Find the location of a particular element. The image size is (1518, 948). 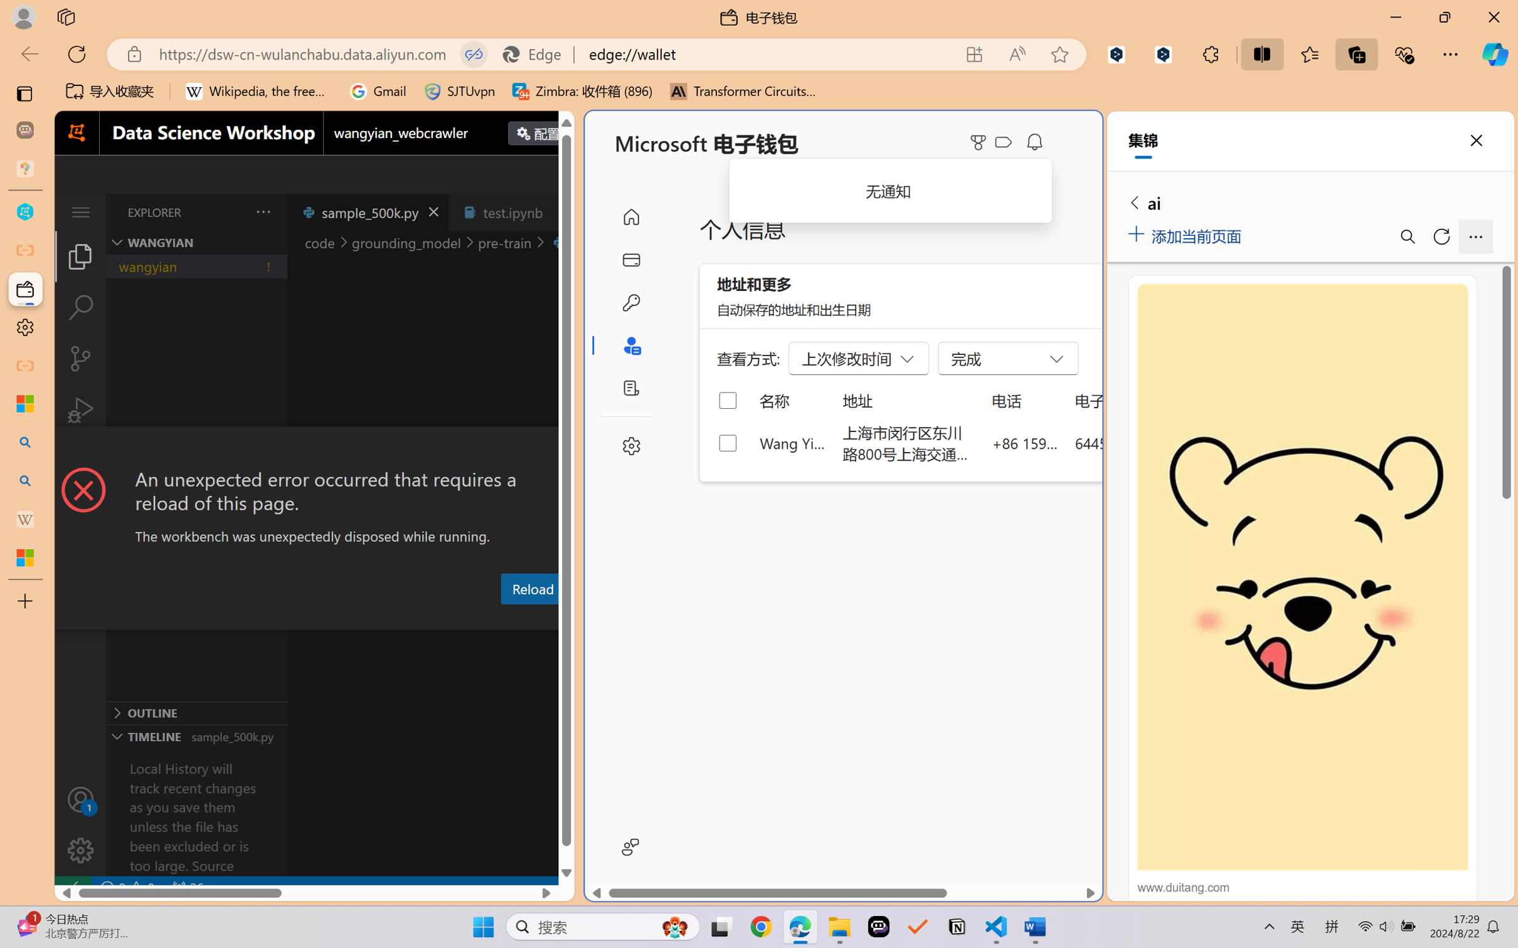

'Reload' is located at coordinates (531, 587).